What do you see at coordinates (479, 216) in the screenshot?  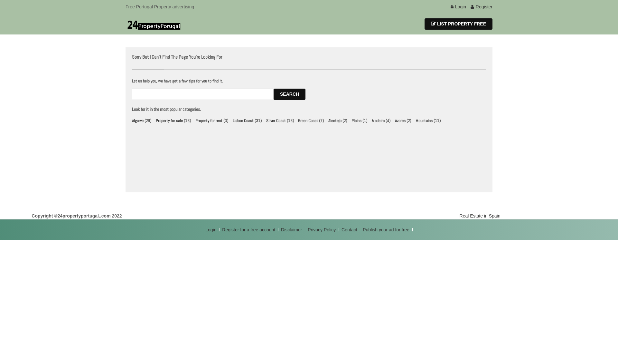 I see `'  Real Estate in Spain'` at bounding box center [479, 216].